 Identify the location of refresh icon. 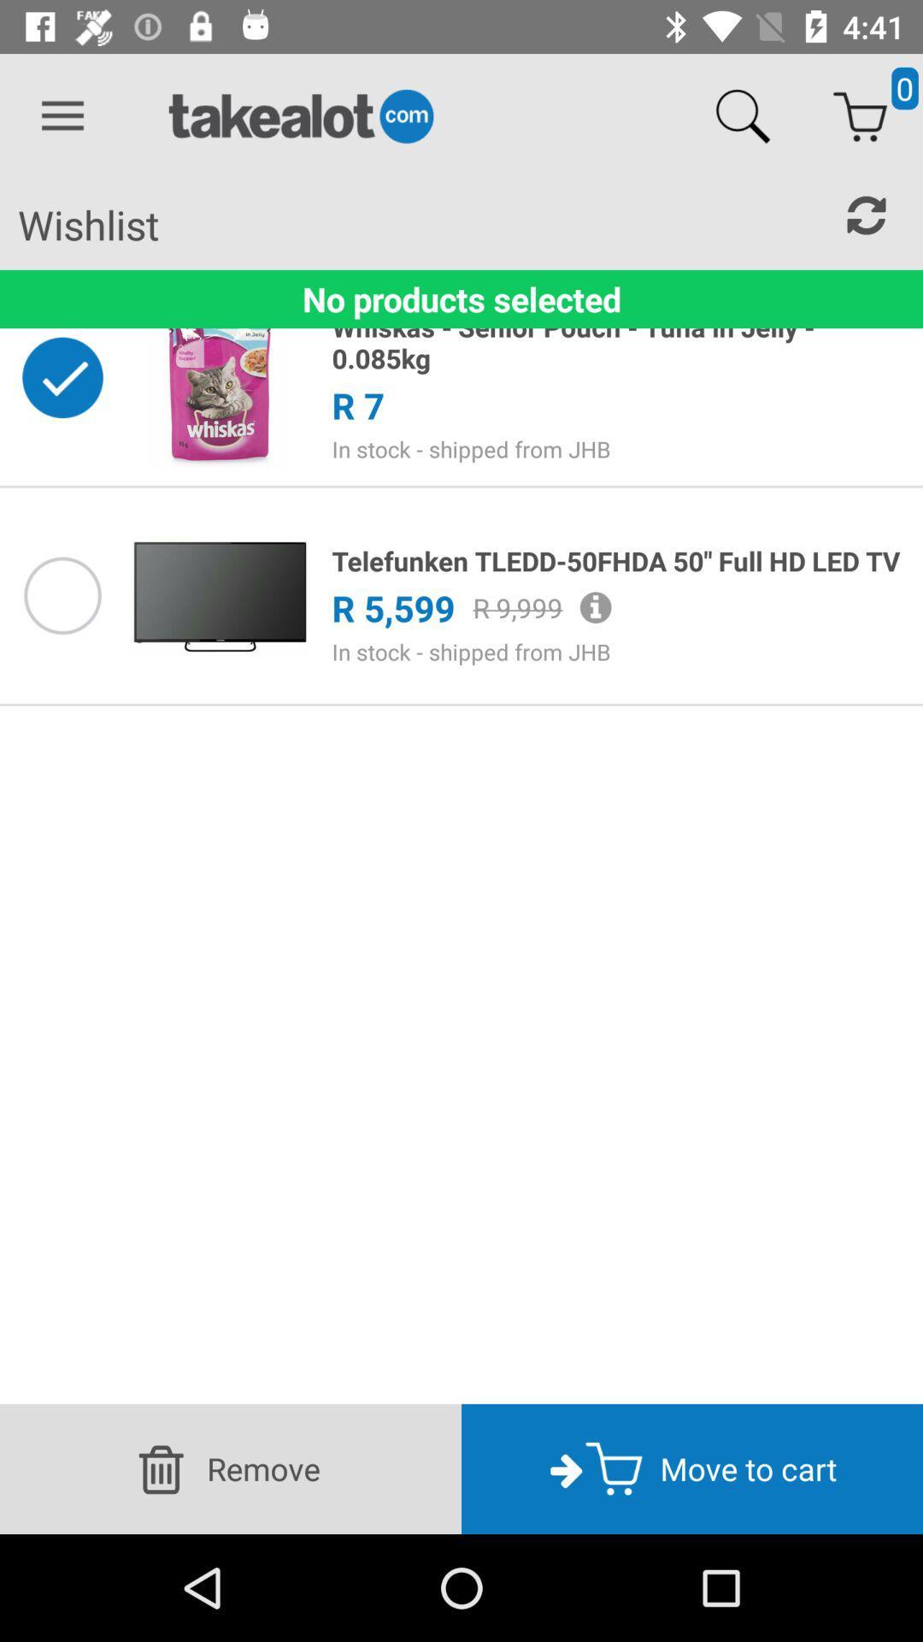
(867, 215).